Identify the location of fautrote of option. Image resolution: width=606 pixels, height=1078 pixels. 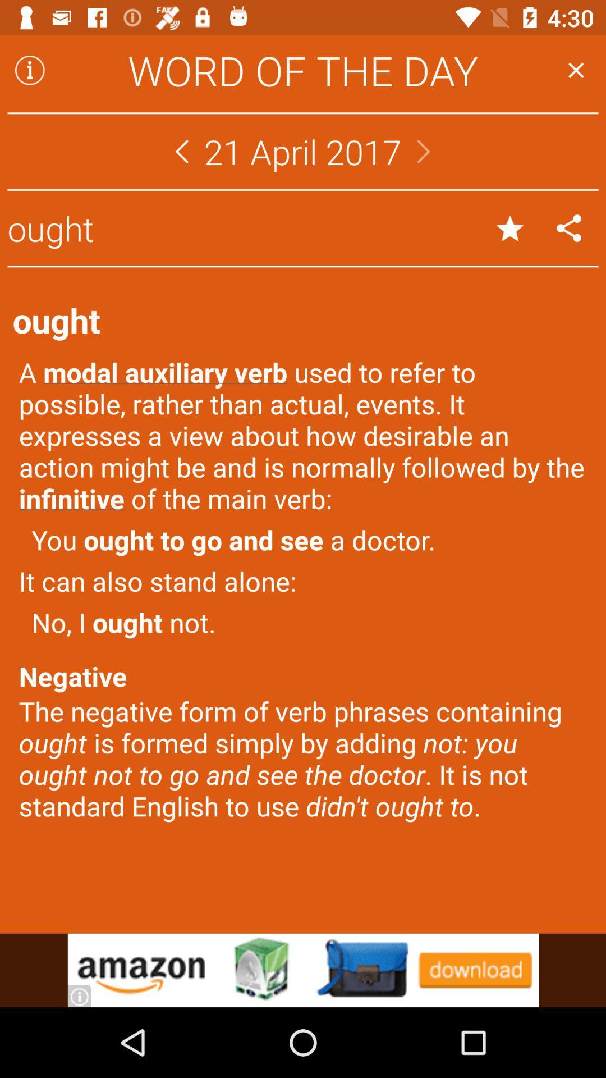
(510, 227).